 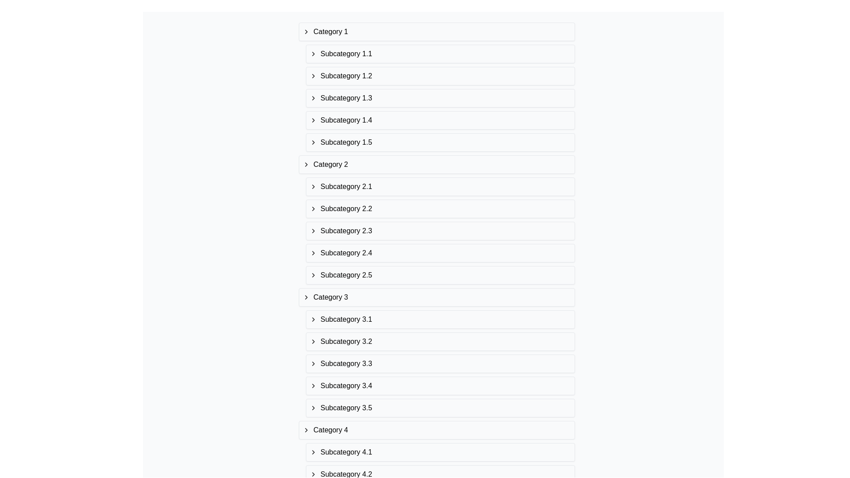 I want to click on the right-pointing chevron icon adjacent to the text 'Category 2', so click(x=306, y=164).